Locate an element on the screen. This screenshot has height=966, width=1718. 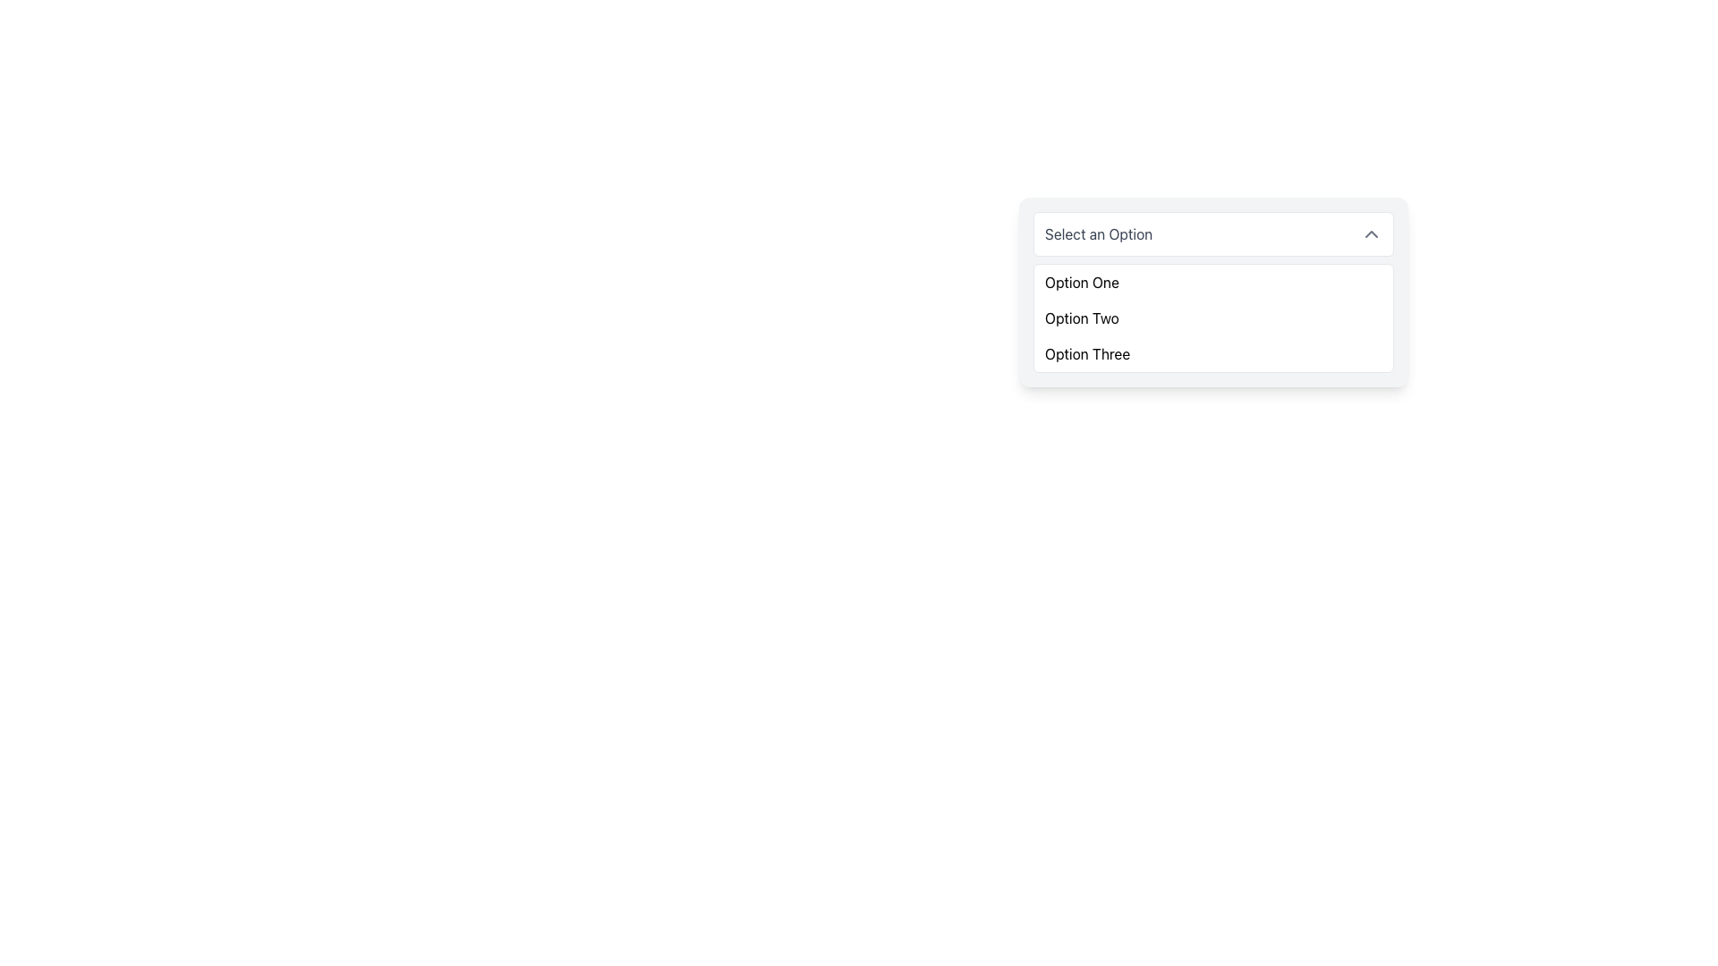
to select the 'Option Three' in the dropdown menu, which is the third item in the list and becomes highlighted on hover is located at coordinates (1213, 354).